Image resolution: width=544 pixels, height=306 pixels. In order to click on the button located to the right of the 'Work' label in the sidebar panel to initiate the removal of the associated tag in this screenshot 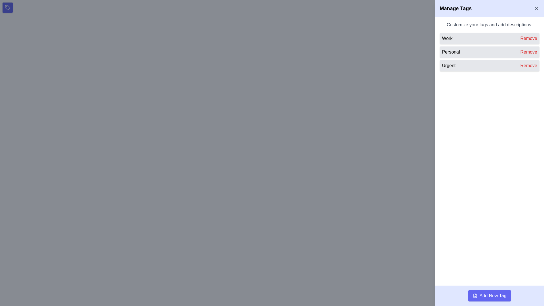, I will do `click(528, 38)`.